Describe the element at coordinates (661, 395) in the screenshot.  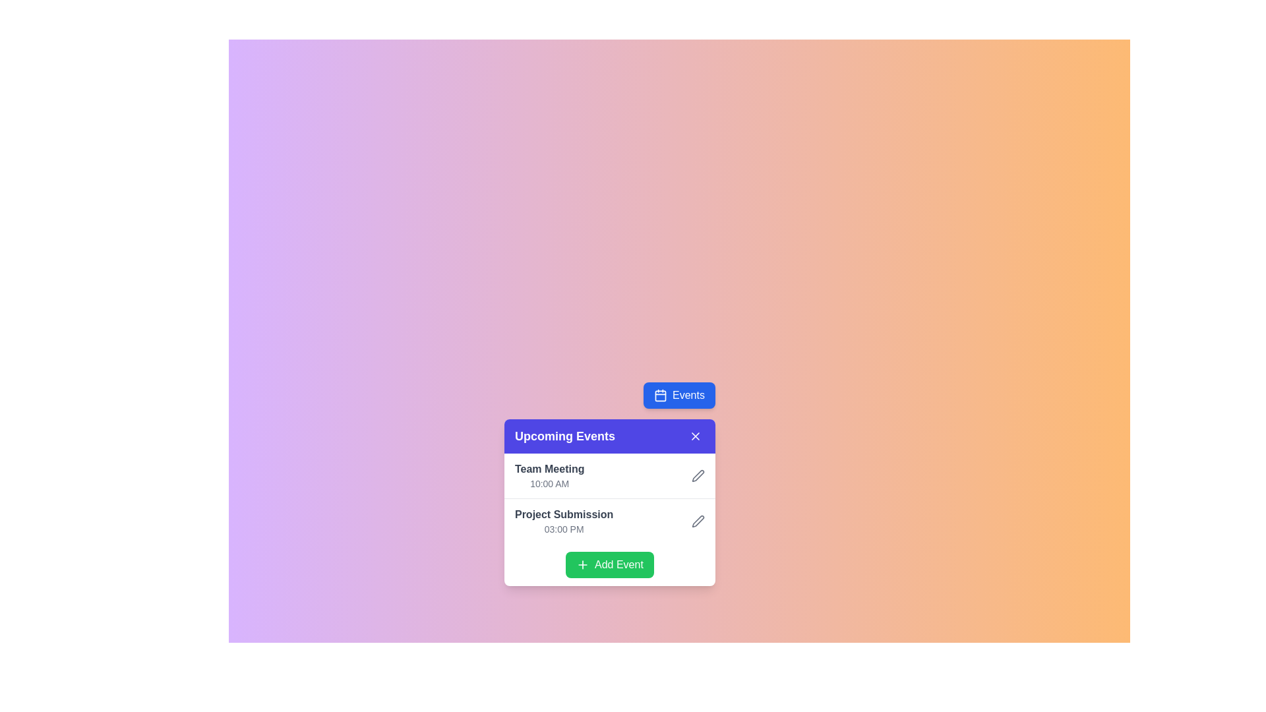
I see `the solid blue square with rounded corners located inside the calendar icon, which is part of the Decorative UI component` at that location.